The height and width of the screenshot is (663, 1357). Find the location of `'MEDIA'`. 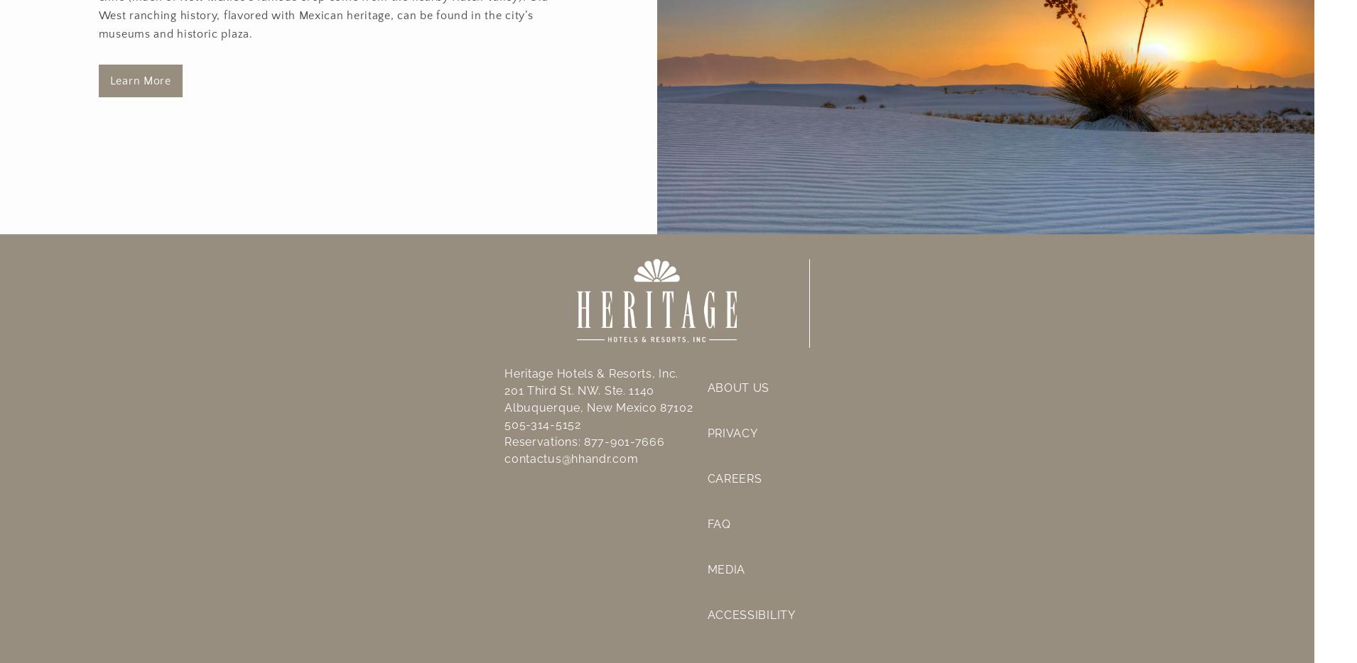

'MEDIA' is located at coordinates (725, 569).